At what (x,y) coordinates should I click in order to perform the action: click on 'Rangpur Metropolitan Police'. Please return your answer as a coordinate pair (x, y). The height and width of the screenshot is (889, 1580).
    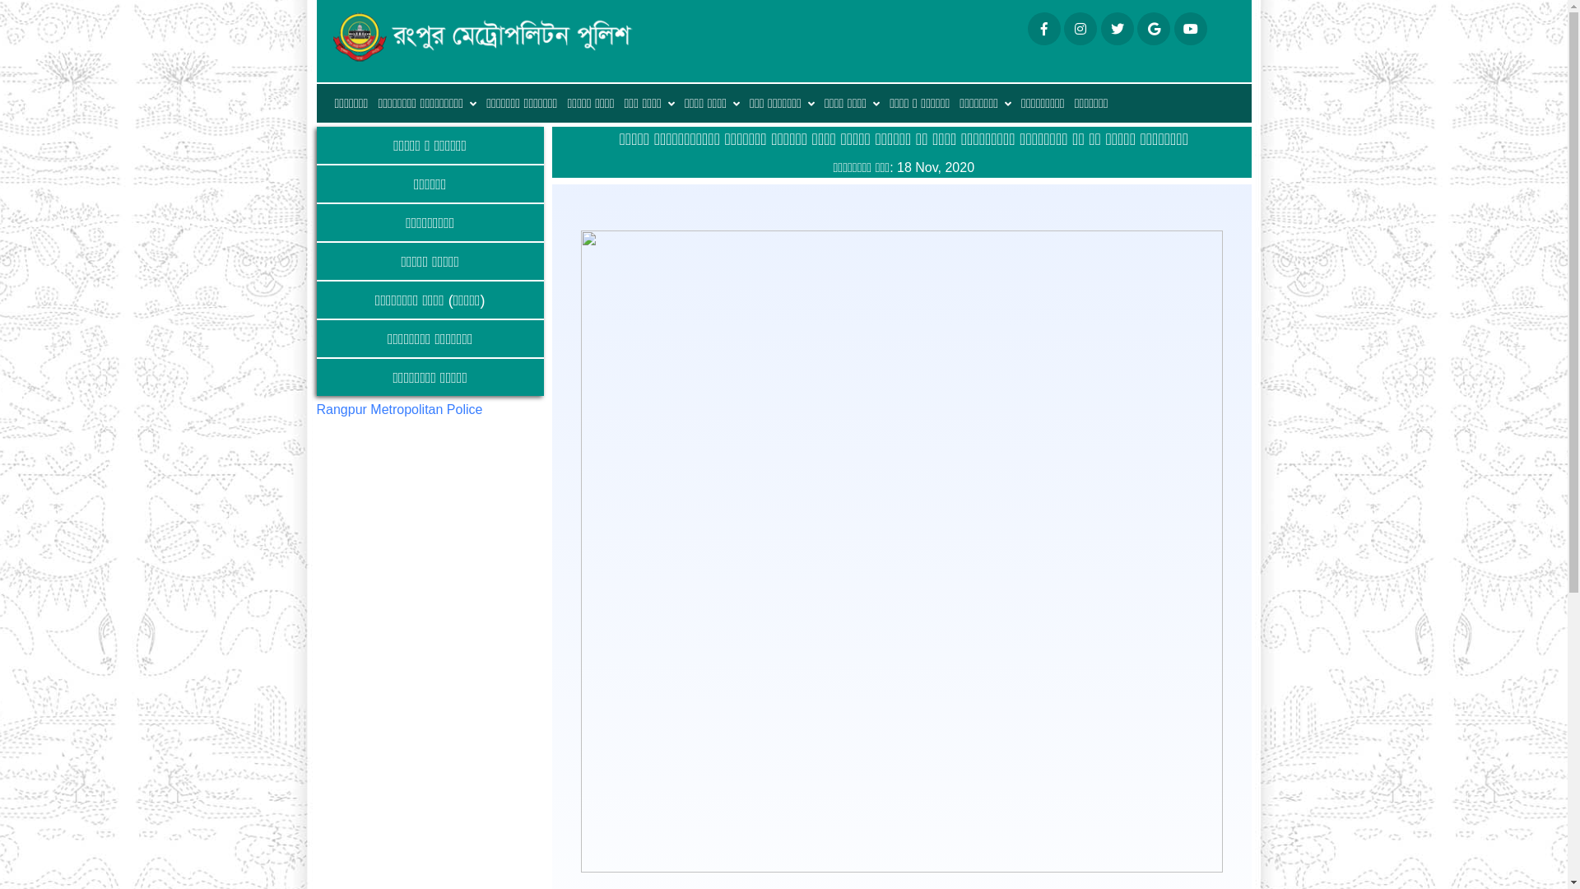
    Looking at the image, I should click on (398, 408).